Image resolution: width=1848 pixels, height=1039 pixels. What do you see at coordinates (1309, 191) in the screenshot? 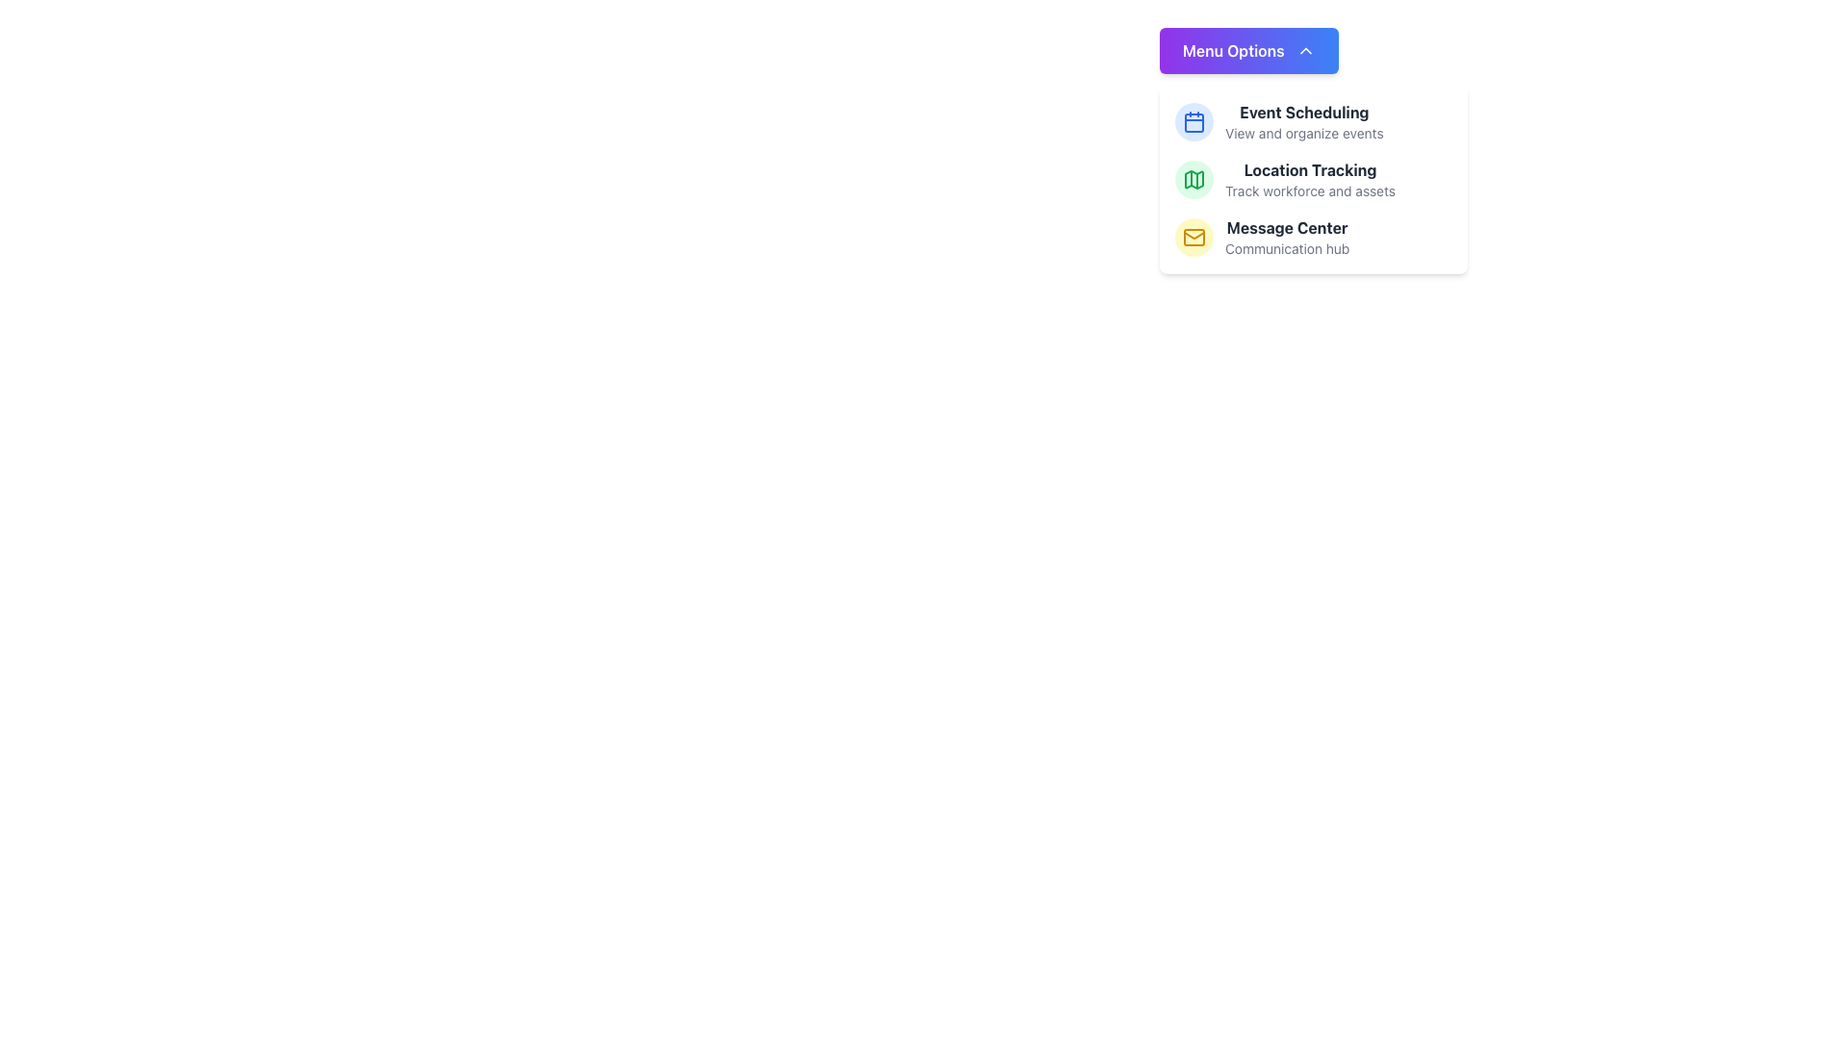
I see `the static text label displaying 'Track workforce and assets', which is positioned below the bold title 'Location Tracking' in the vertical menu under 'Menu Options'` at bounding box center [1309, 191].